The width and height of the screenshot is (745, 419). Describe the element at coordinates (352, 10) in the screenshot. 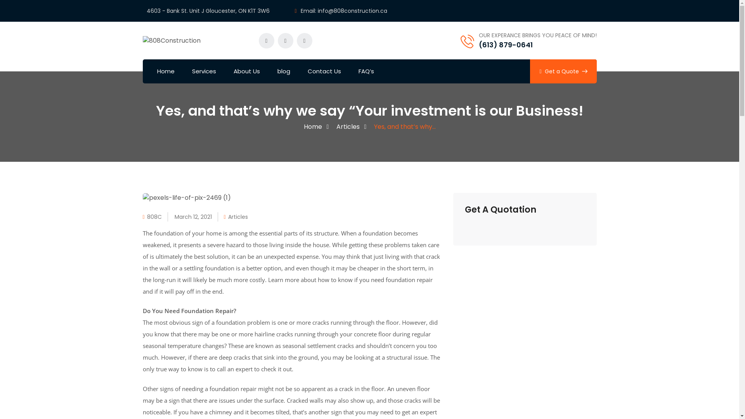

I see `'info@808construction.ca'` at that location.